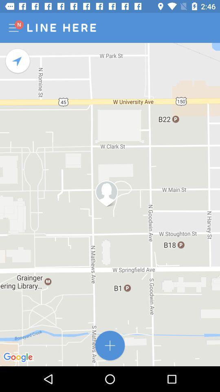 This screenshot has width=220, height=392. Describe the element at coordinates (18, 60) in the screenshot. I see `the navigation icon` at that location.